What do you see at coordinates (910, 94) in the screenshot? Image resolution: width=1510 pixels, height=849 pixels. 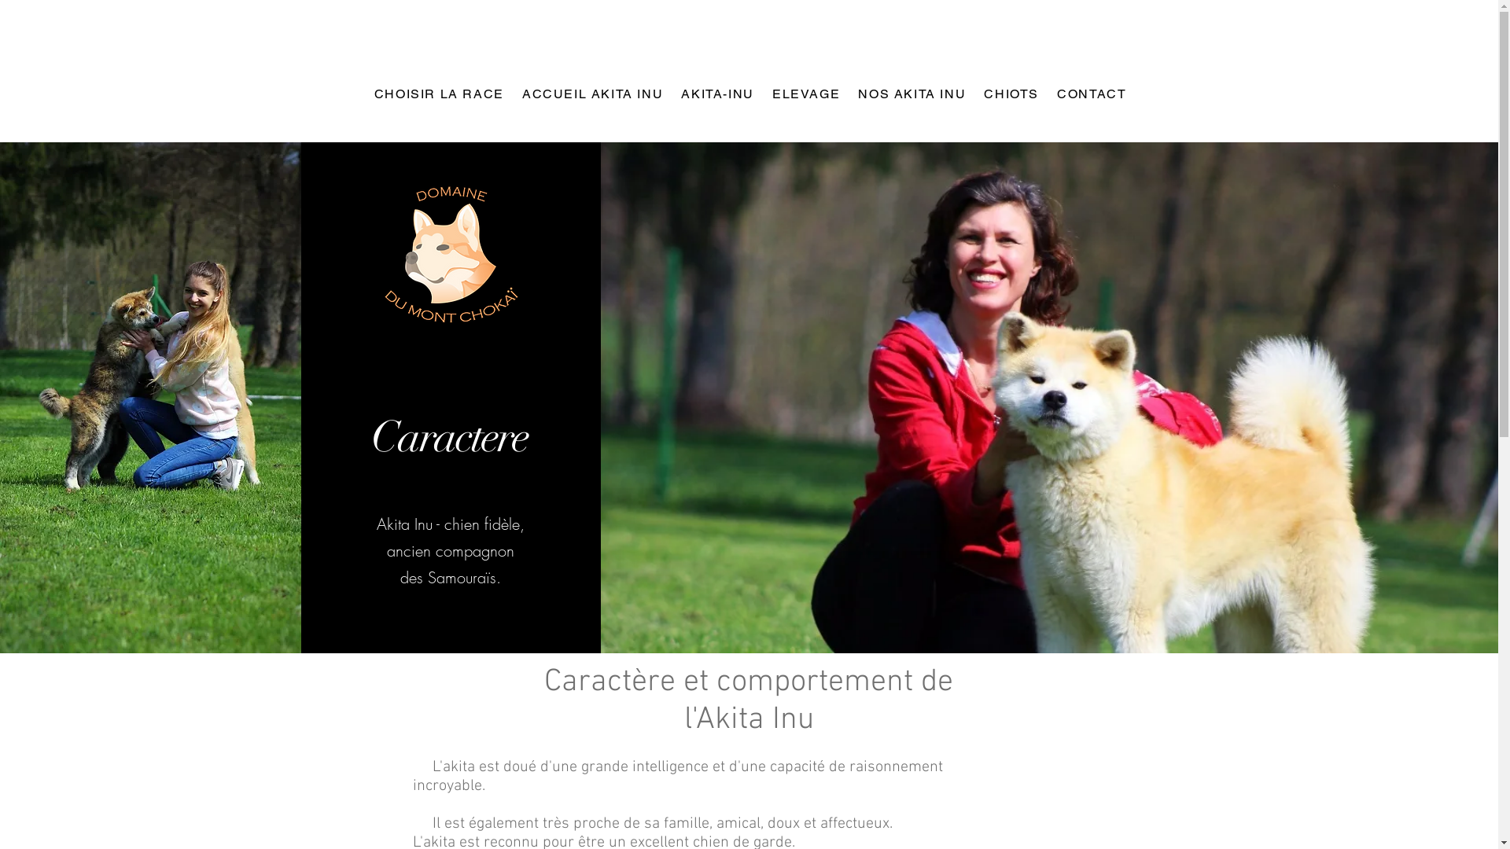 I see `'NOS AKITA INU'` at bounding box center [910, 94].